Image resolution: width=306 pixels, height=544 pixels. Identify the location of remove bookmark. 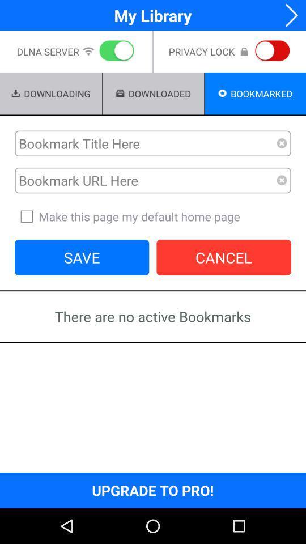
(281, 180).